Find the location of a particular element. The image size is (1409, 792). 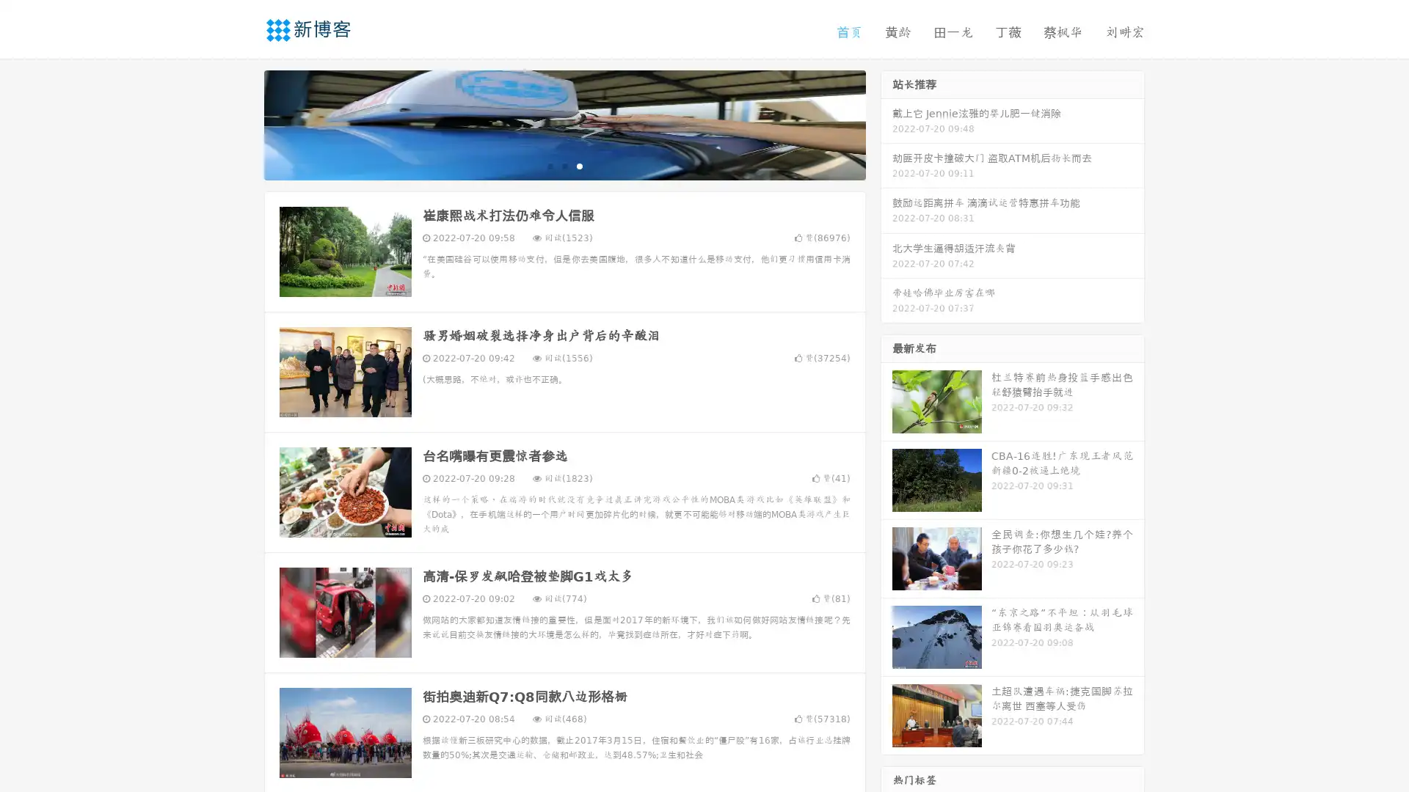

Go to slide 2 is located at coordinates (564, 165).